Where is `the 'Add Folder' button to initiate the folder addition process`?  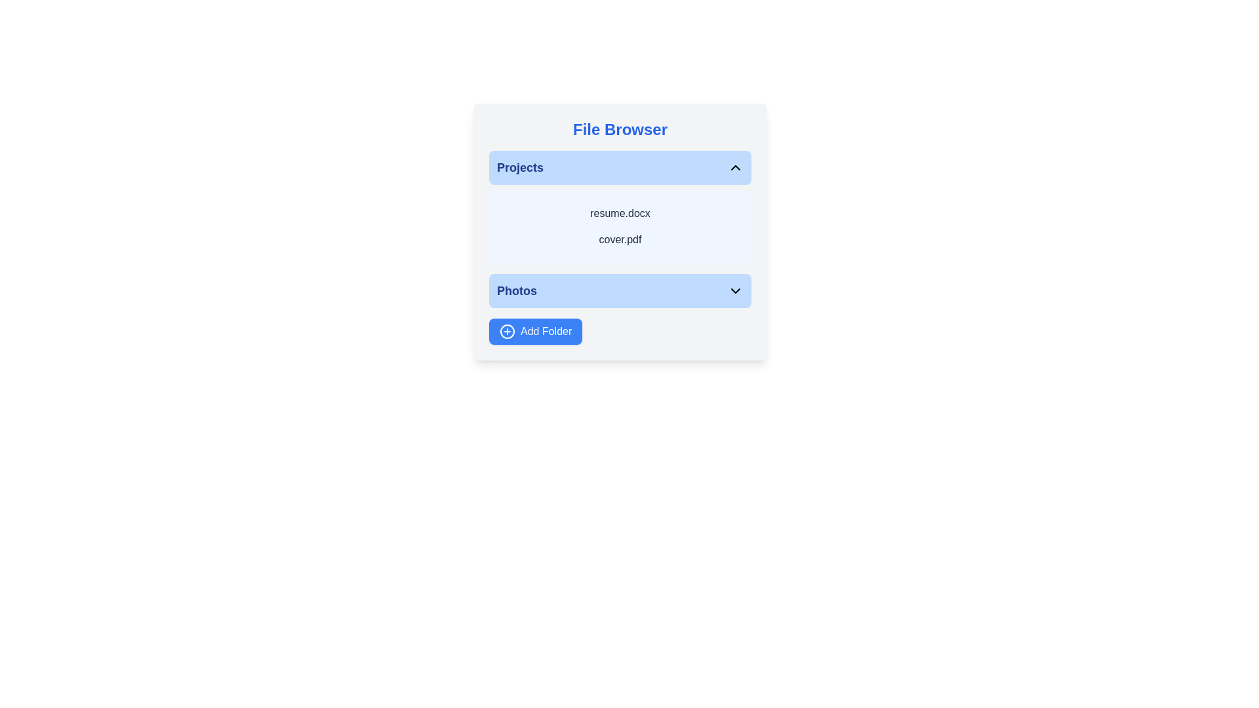
the 'Add Folder' button to initiate the folder addition process is located at coordinates (535, 330).